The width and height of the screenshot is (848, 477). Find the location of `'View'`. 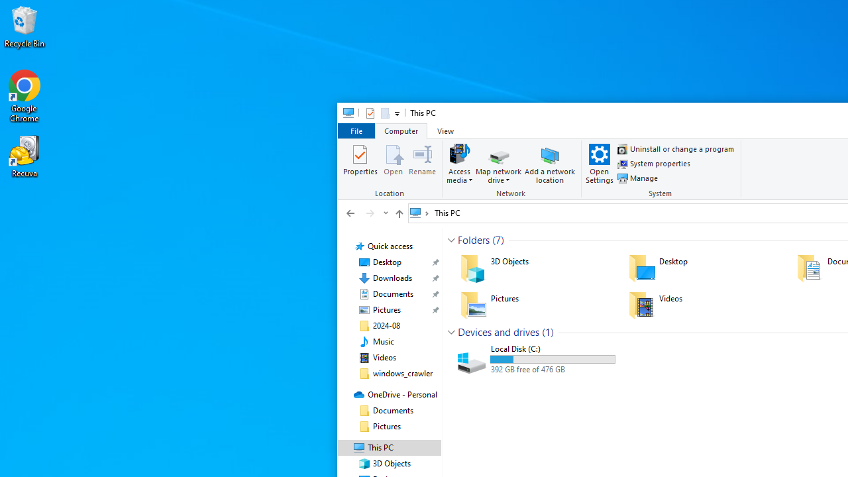

'View' is located at coordinates (445, 131).